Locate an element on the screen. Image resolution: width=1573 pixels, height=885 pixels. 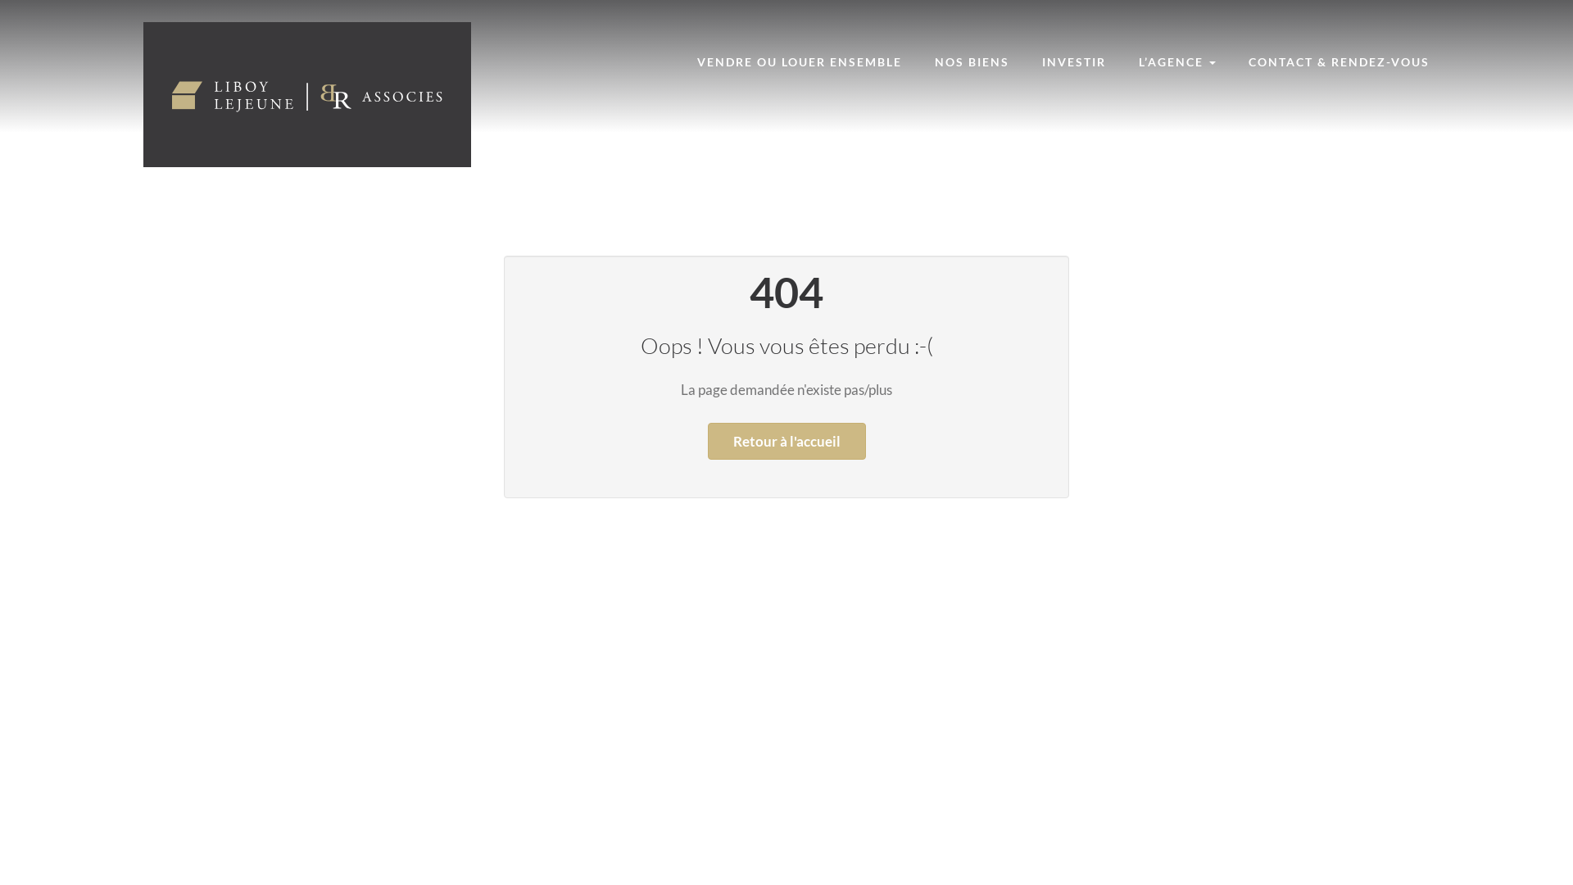
'VENDRE OU LOUER ENSEMBLE' is located at coordinates (799, 61).